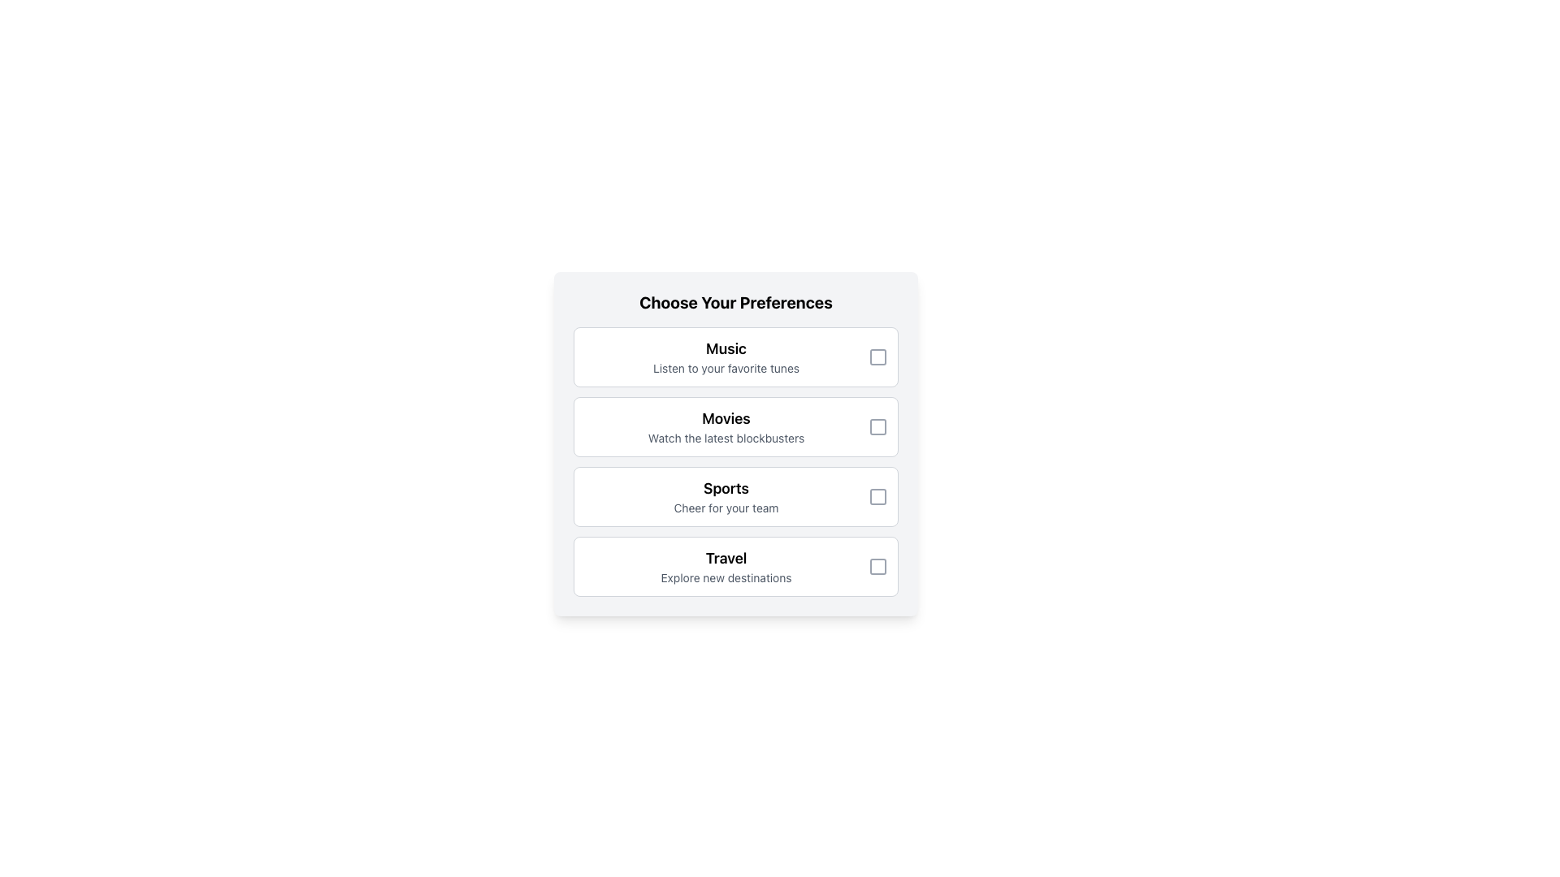  What do you see at coordinates (877, 356) in the screenshot?
I see `the 'Music' preference checkbox, which is the first checkbox in a vertical list of options, located to the right of the 'Music' label and below the header 'Choose Your Preferences'` at bounding box center [877, 356].